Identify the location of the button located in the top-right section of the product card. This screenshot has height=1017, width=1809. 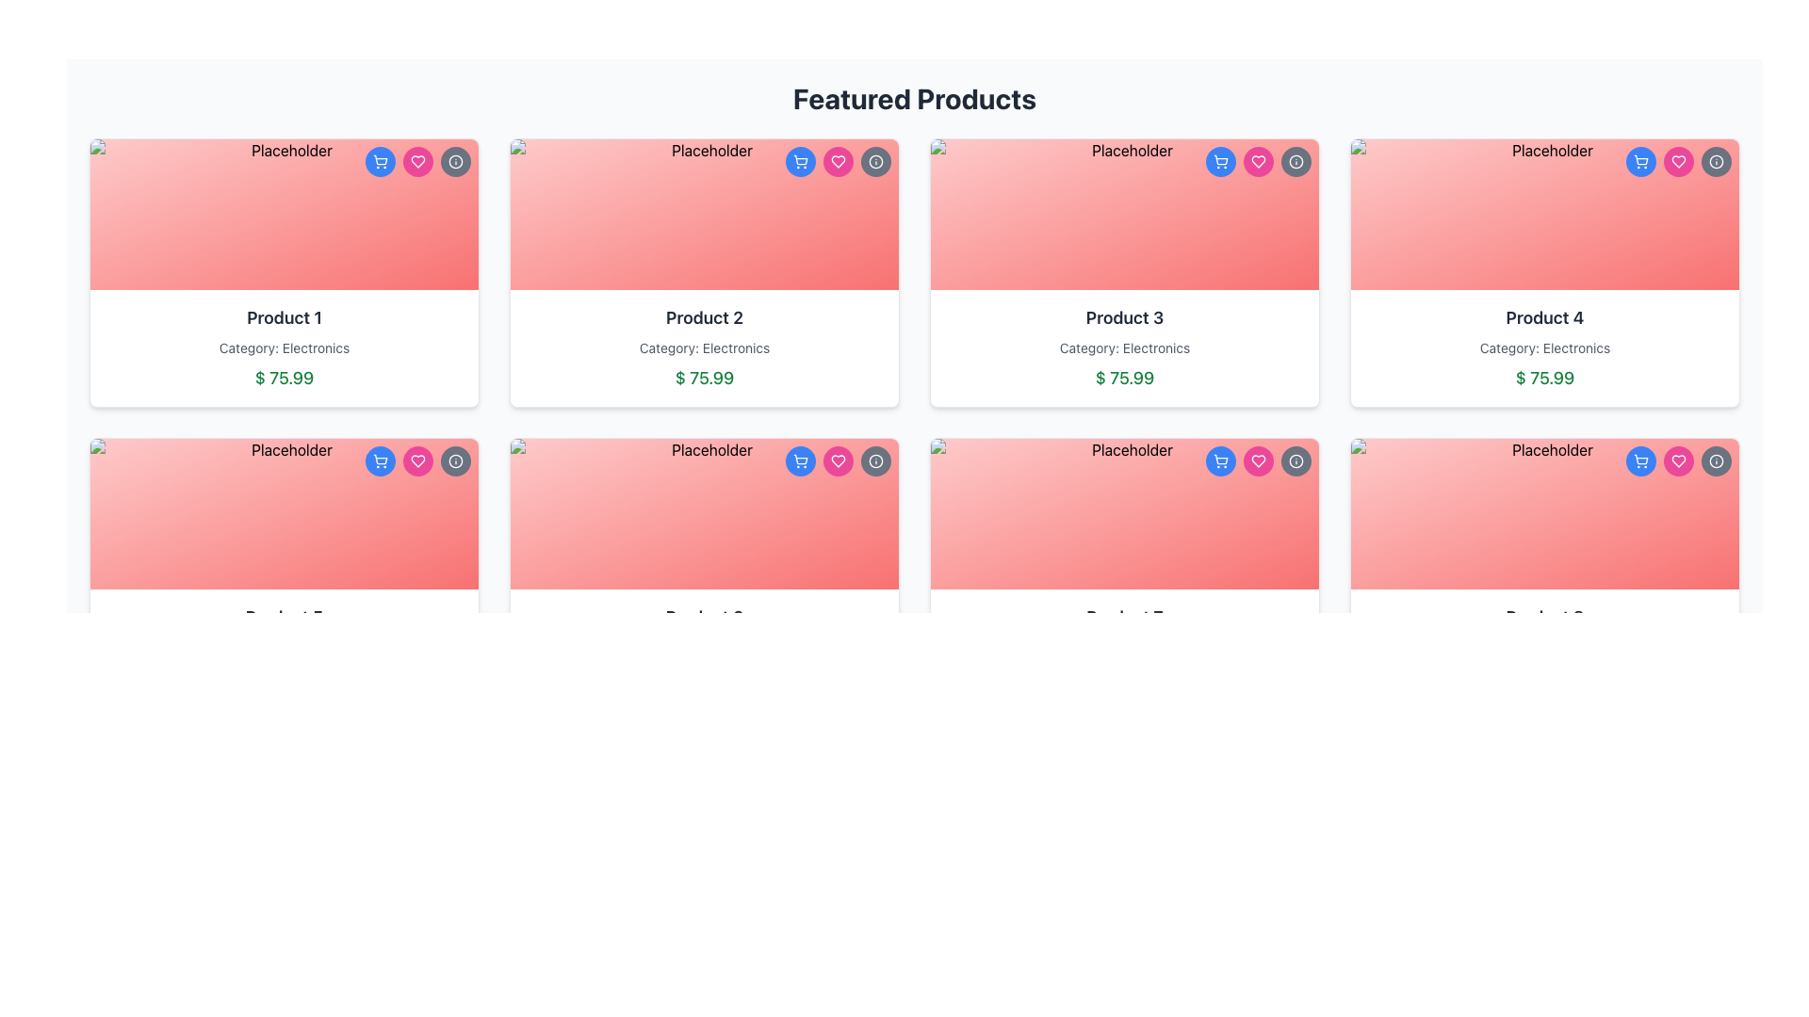
(800, 161).